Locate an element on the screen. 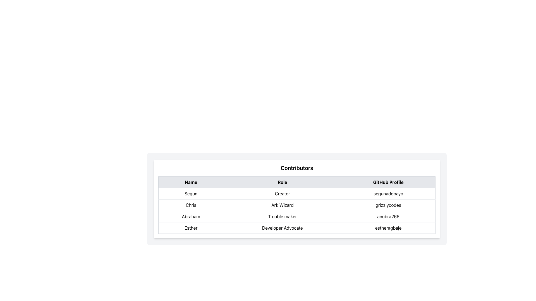 Image resolution: width=536 pixels, height=301 pixels. the first row in the user information table containing 'Segun' in the Name column, 'Creator' in the Role column, and 'segunadebayo' in the GitHub Profile column is located at coordinates (296, 193).